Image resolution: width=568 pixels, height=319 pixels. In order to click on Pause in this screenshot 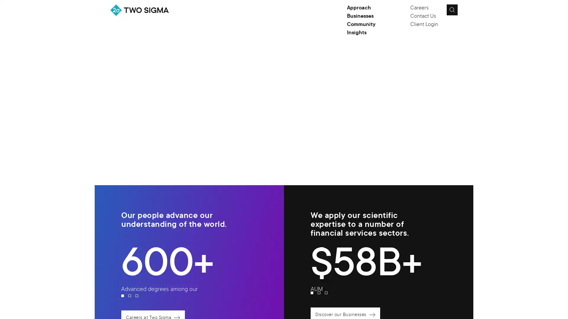, I will do `click(448, 78)`.